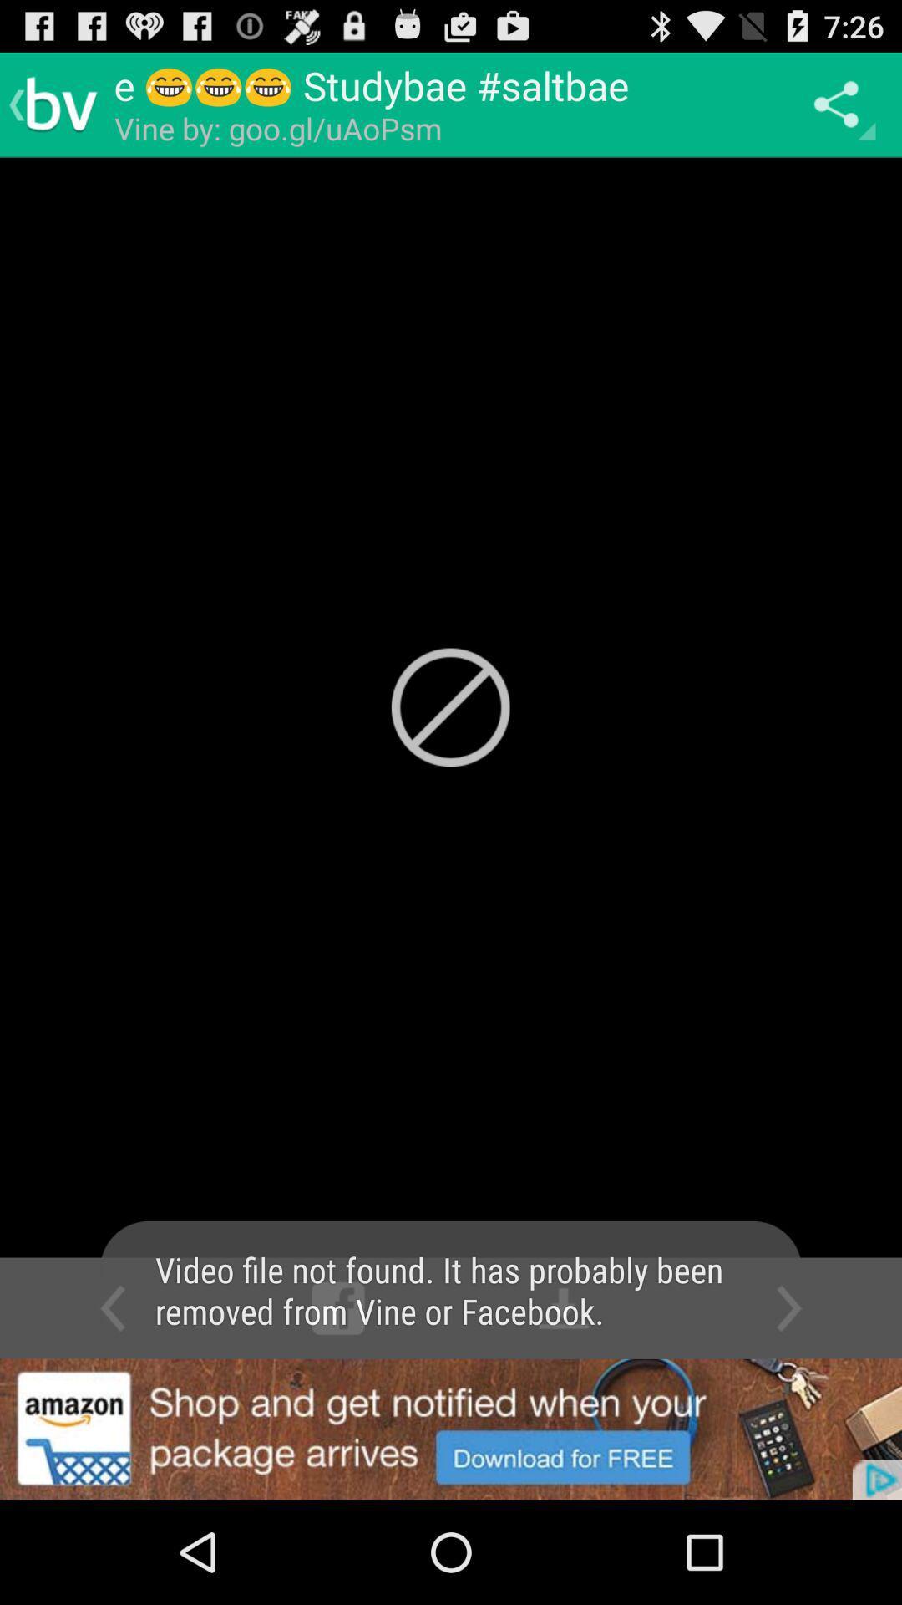 The width and height of the screenshot is (902, 1605). I want to click on the share icon, so click(840, 104).